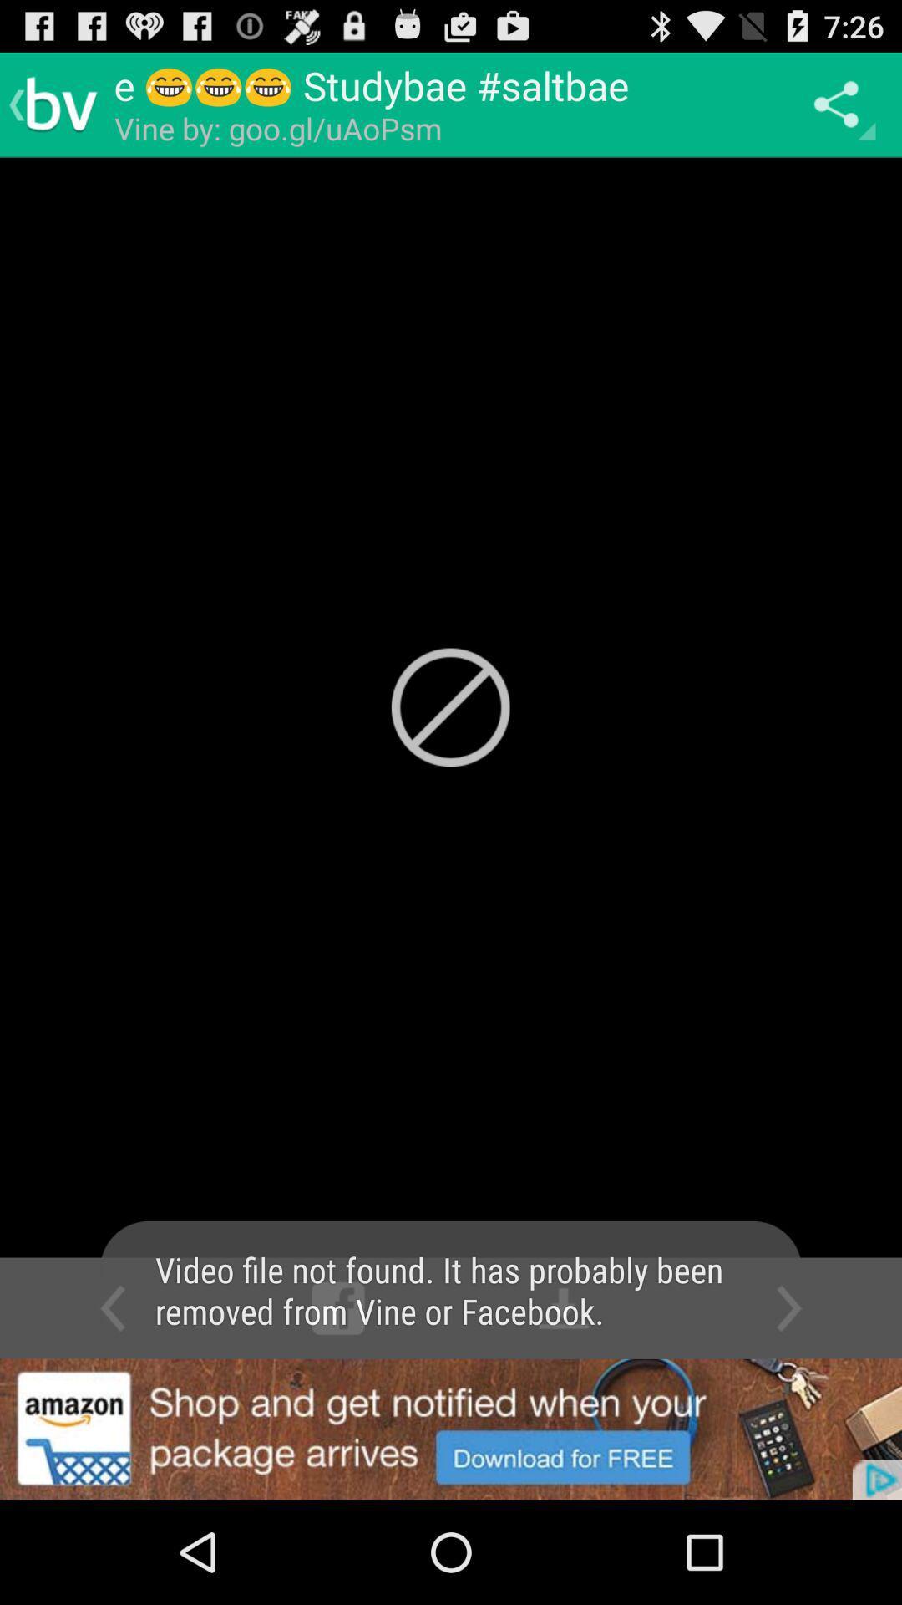 The width and height of the screenshot is (902, 1605). I want to click on the share icon, so click(840, 104).